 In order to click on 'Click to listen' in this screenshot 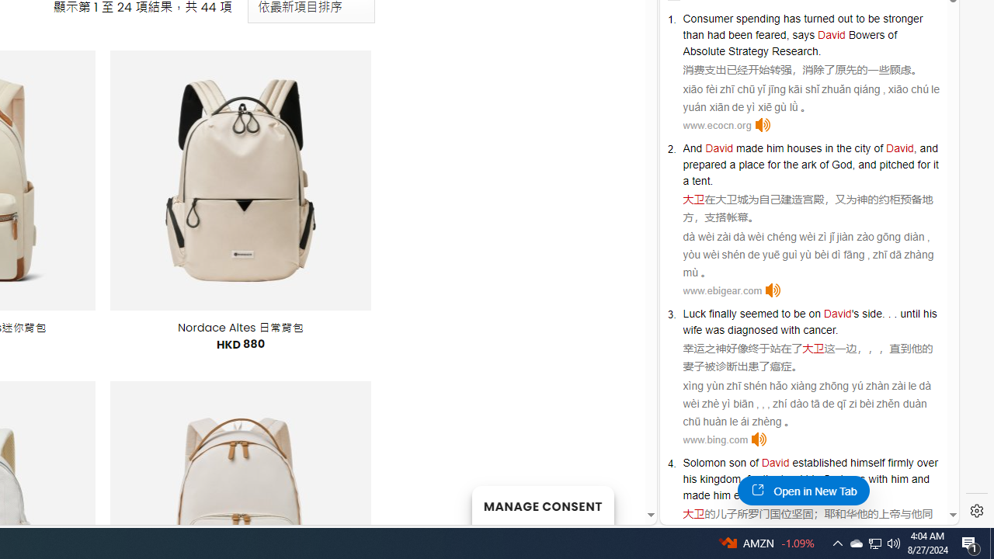, I will do `click(759, 439)`.